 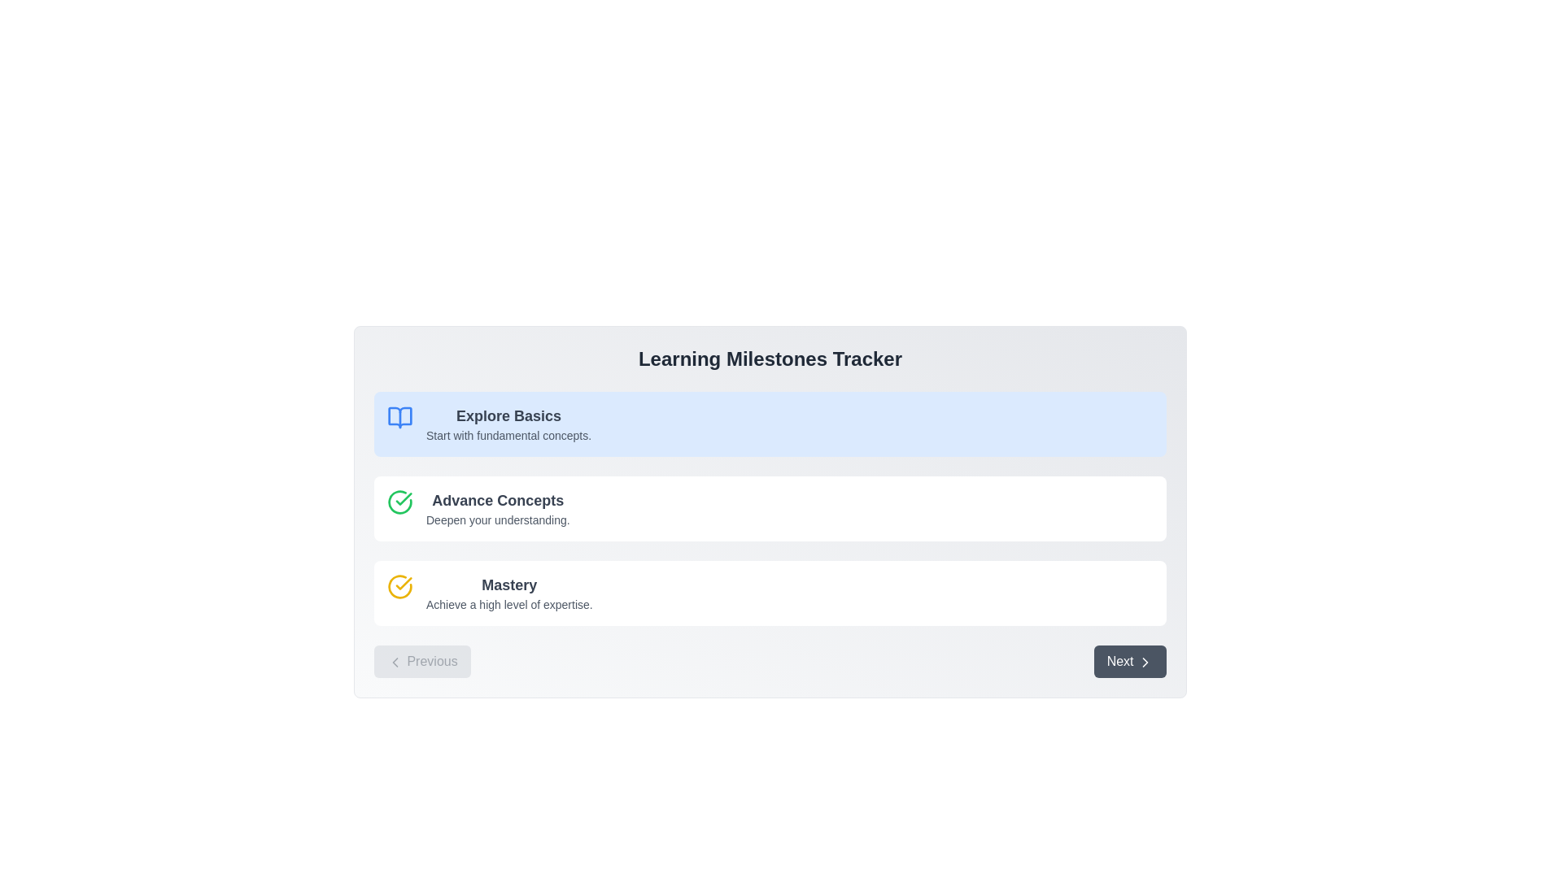 I want to click on the Text Label that serves as a header for the 'Learning Milestones Tracker' section, summarizing the primary concept of the milestone, so click(x=508, y=585).